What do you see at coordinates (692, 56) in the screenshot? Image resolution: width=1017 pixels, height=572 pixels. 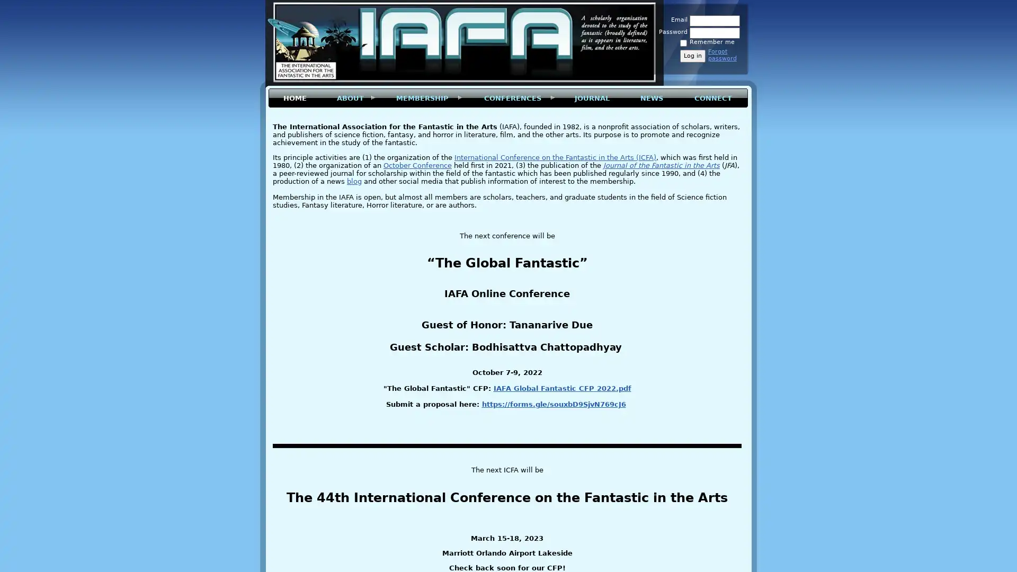 I see `Log in` at bounding box center [692, 56].